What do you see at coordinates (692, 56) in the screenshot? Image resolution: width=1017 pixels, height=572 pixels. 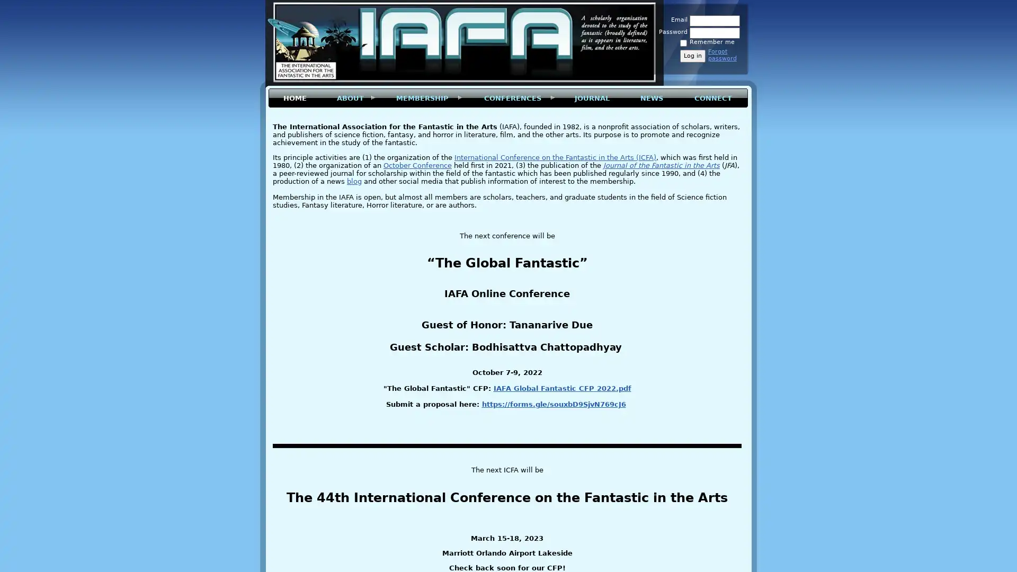 I see `Log in` at bounding box center [692, 56].